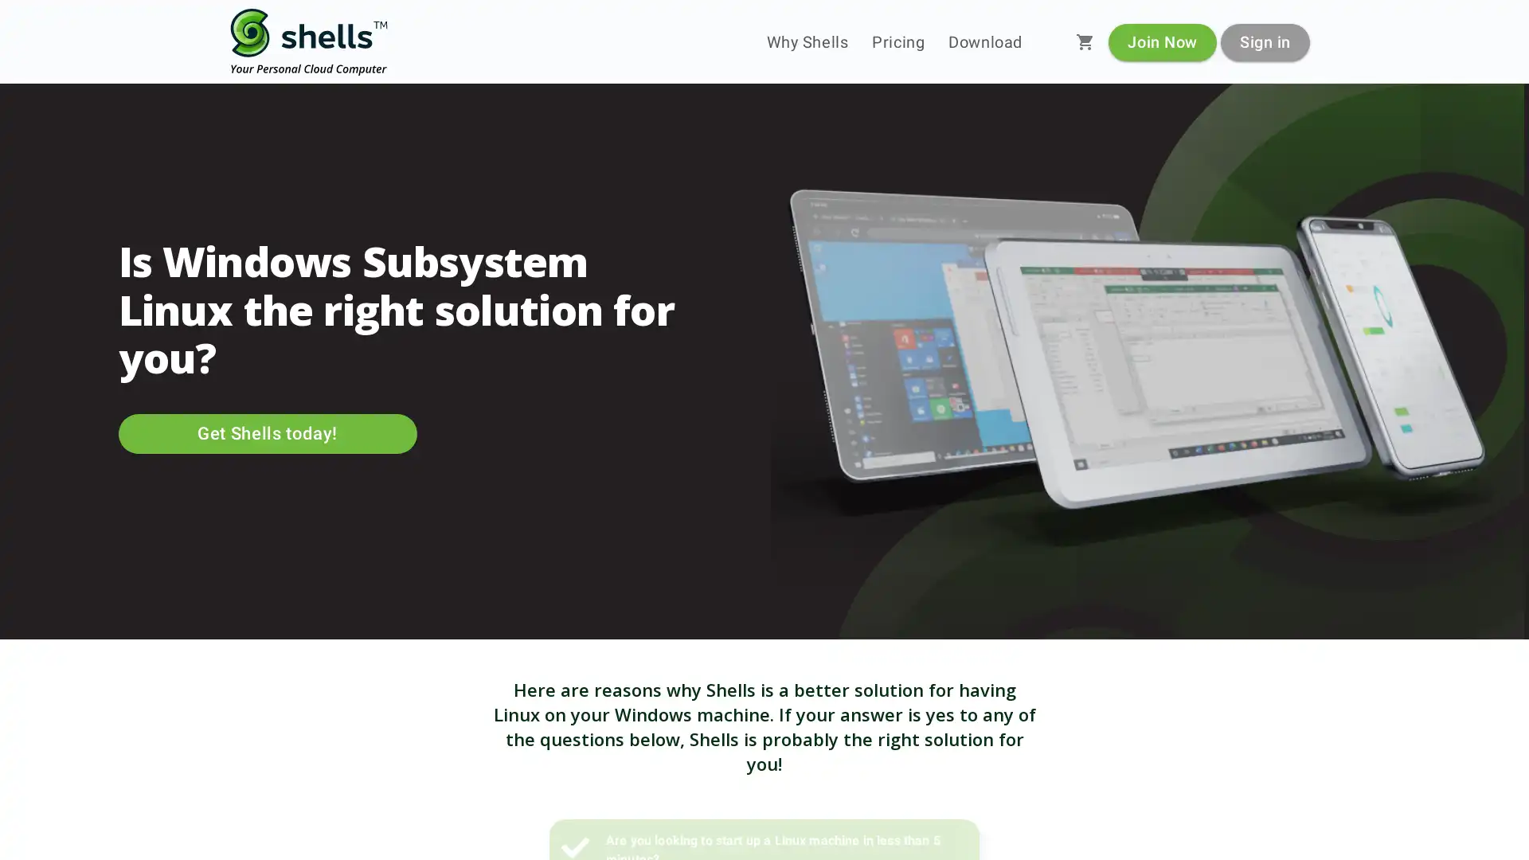 The height and width of the screenshot is (860, 1529). What do you see at coordinates (267, 433) in the screenshot?
I see `Get Shells today!` at bounding box center [267, 433].